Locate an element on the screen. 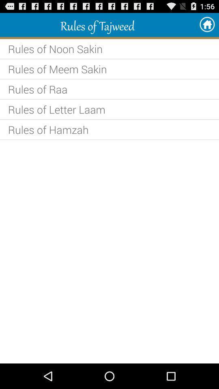 The image size is (219, 389). the item to the right of the rules of tajweed app is located at coordinates (207, 25).